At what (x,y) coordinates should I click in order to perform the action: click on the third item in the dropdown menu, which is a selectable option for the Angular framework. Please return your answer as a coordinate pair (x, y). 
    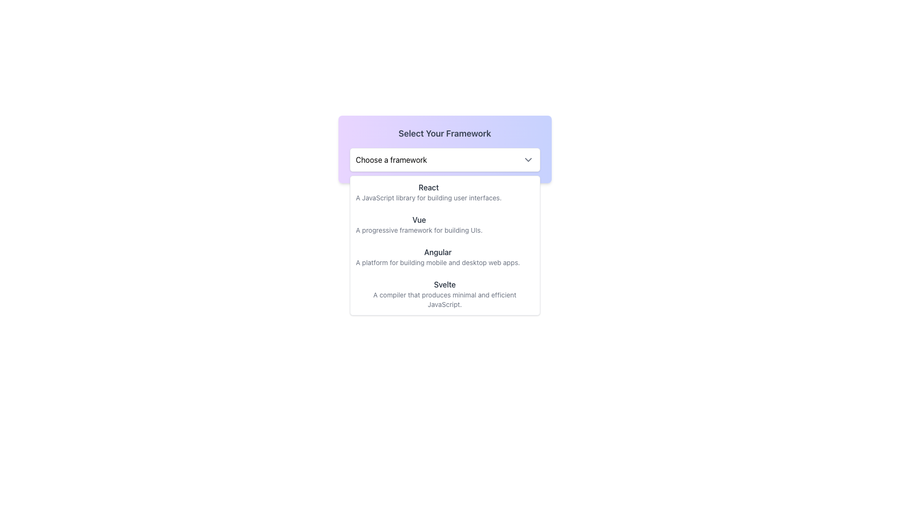
    Looking at the image, I should click on (444, 257).